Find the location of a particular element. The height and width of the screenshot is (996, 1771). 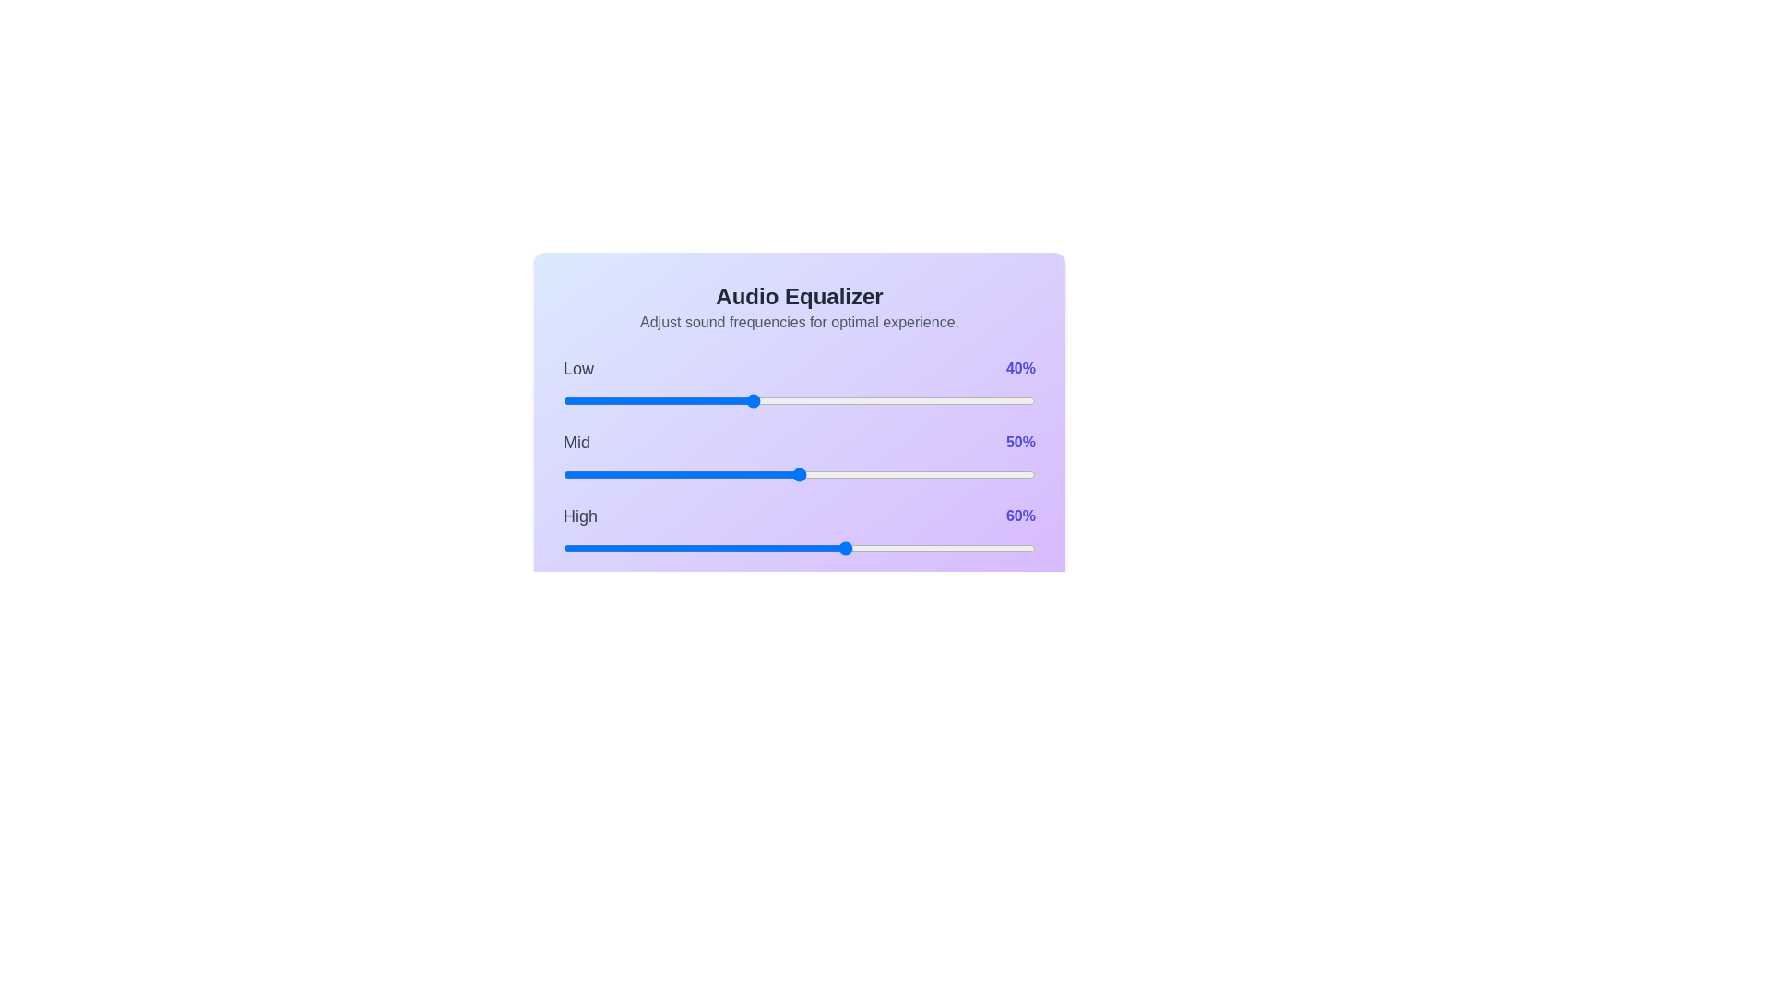

the high frequency slider to 16% is located at coordinates (638, 547).